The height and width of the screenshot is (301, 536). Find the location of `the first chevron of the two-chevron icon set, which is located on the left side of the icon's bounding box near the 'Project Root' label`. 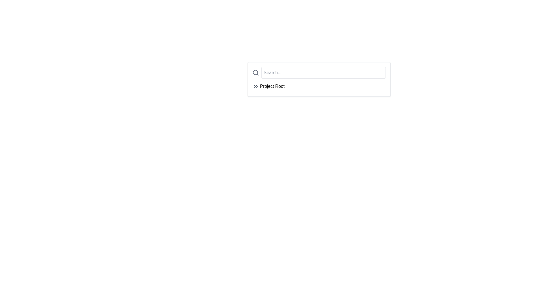

the first chevron of the two-chevron icon set, which is located on the left side of the icon's bounding box near the 'Project Root' label is located at coordinates (254, 86).